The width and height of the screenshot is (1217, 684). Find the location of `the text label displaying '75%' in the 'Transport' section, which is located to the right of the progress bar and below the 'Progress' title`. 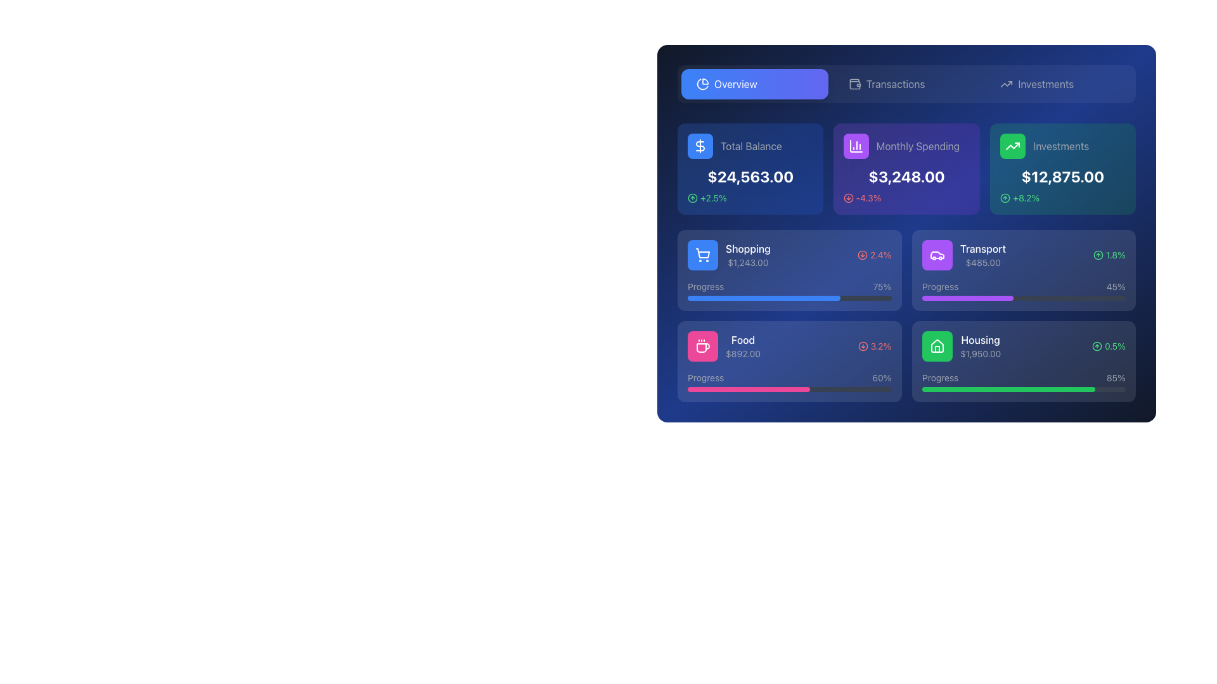

the text label displaying '75%' in the 'Transport' section, which is located to the right of the progress bar and below the 'Progress' title is located at coordinates (882, 286).